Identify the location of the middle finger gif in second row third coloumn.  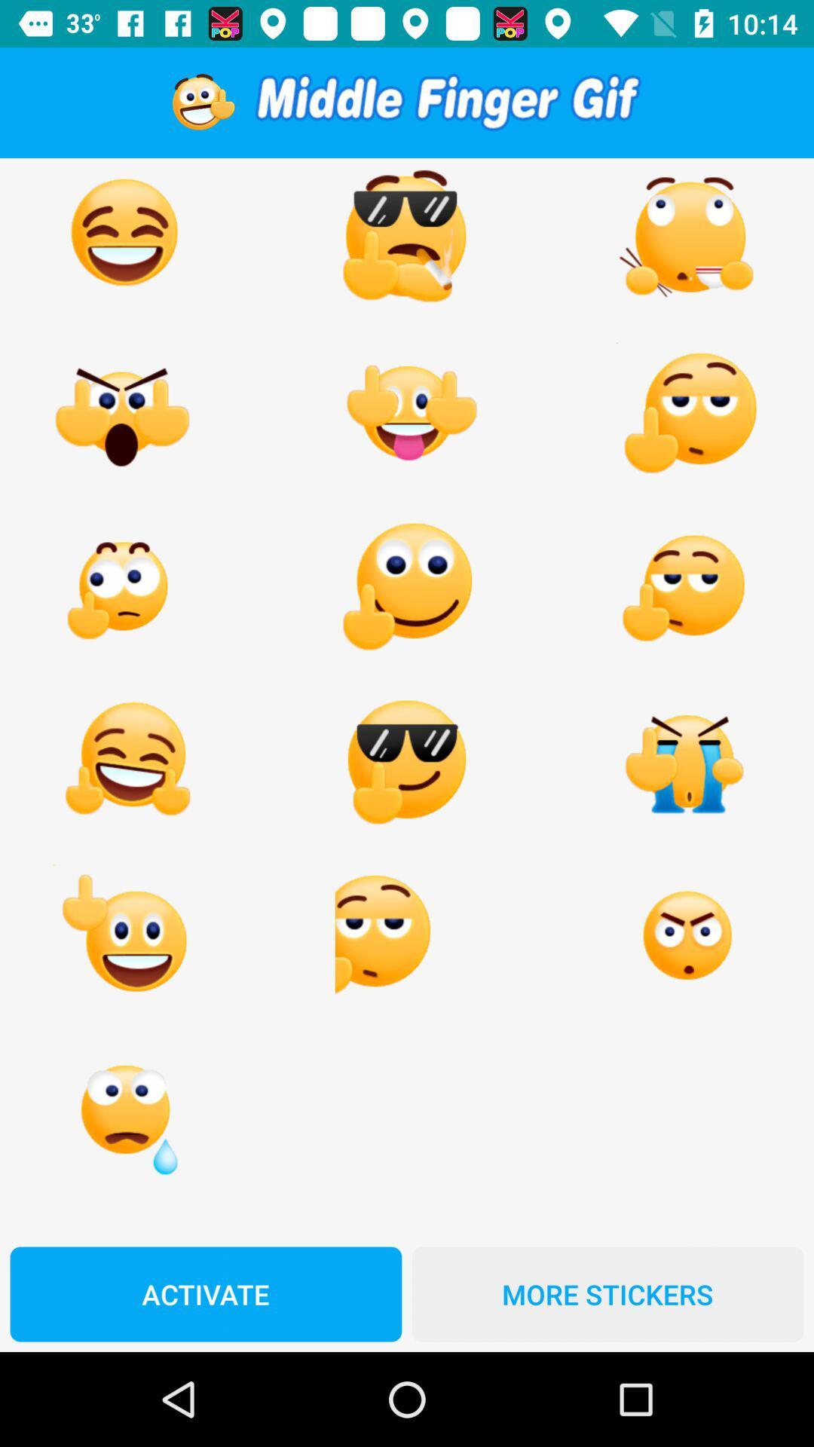
(687, 414).